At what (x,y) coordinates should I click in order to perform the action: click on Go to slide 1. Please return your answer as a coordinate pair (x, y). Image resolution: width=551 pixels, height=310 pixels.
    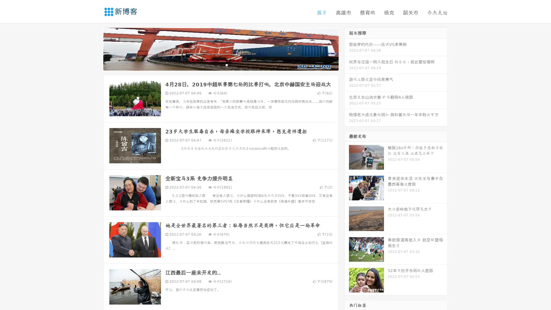
    Looking at the image, I should click on (215, 65).